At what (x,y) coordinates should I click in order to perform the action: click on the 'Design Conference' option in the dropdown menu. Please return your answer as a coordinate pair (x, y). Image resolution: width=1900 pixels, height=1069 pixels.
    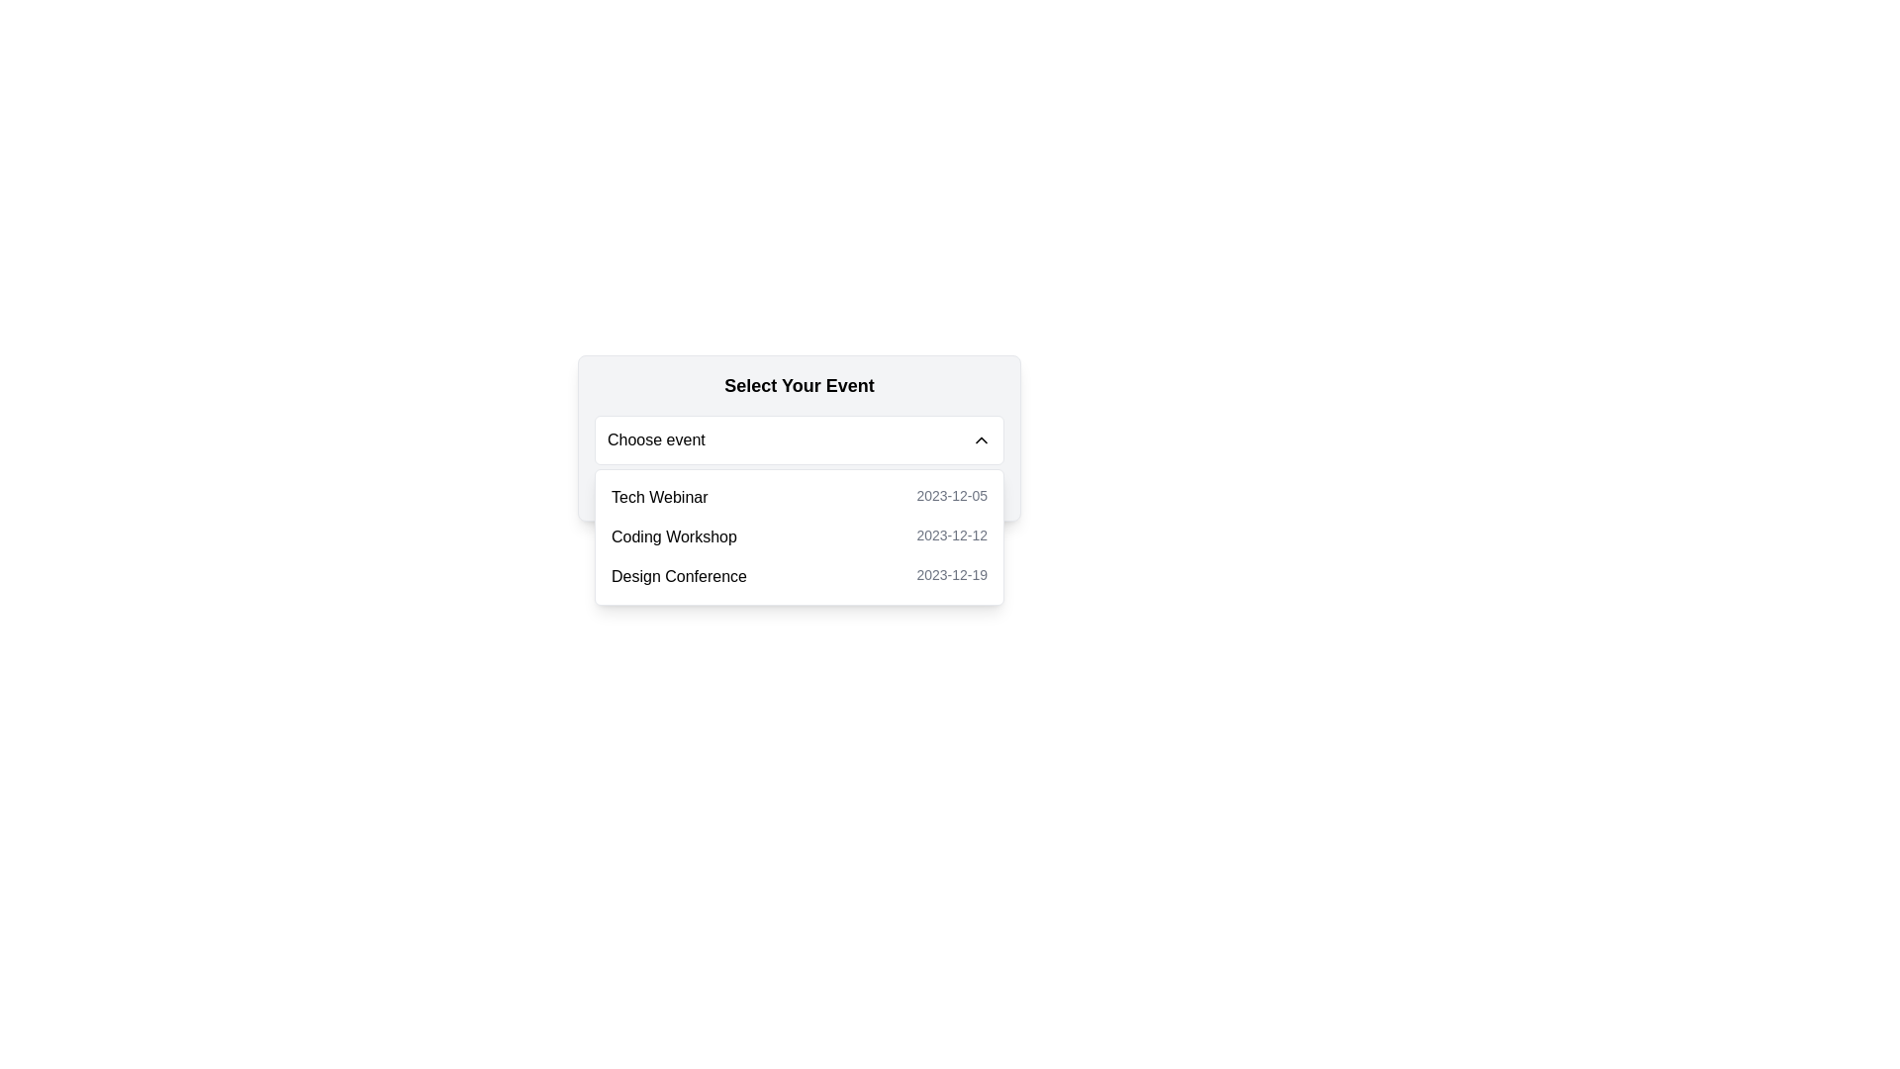
    Looking at the image, I should click on (799, 576).